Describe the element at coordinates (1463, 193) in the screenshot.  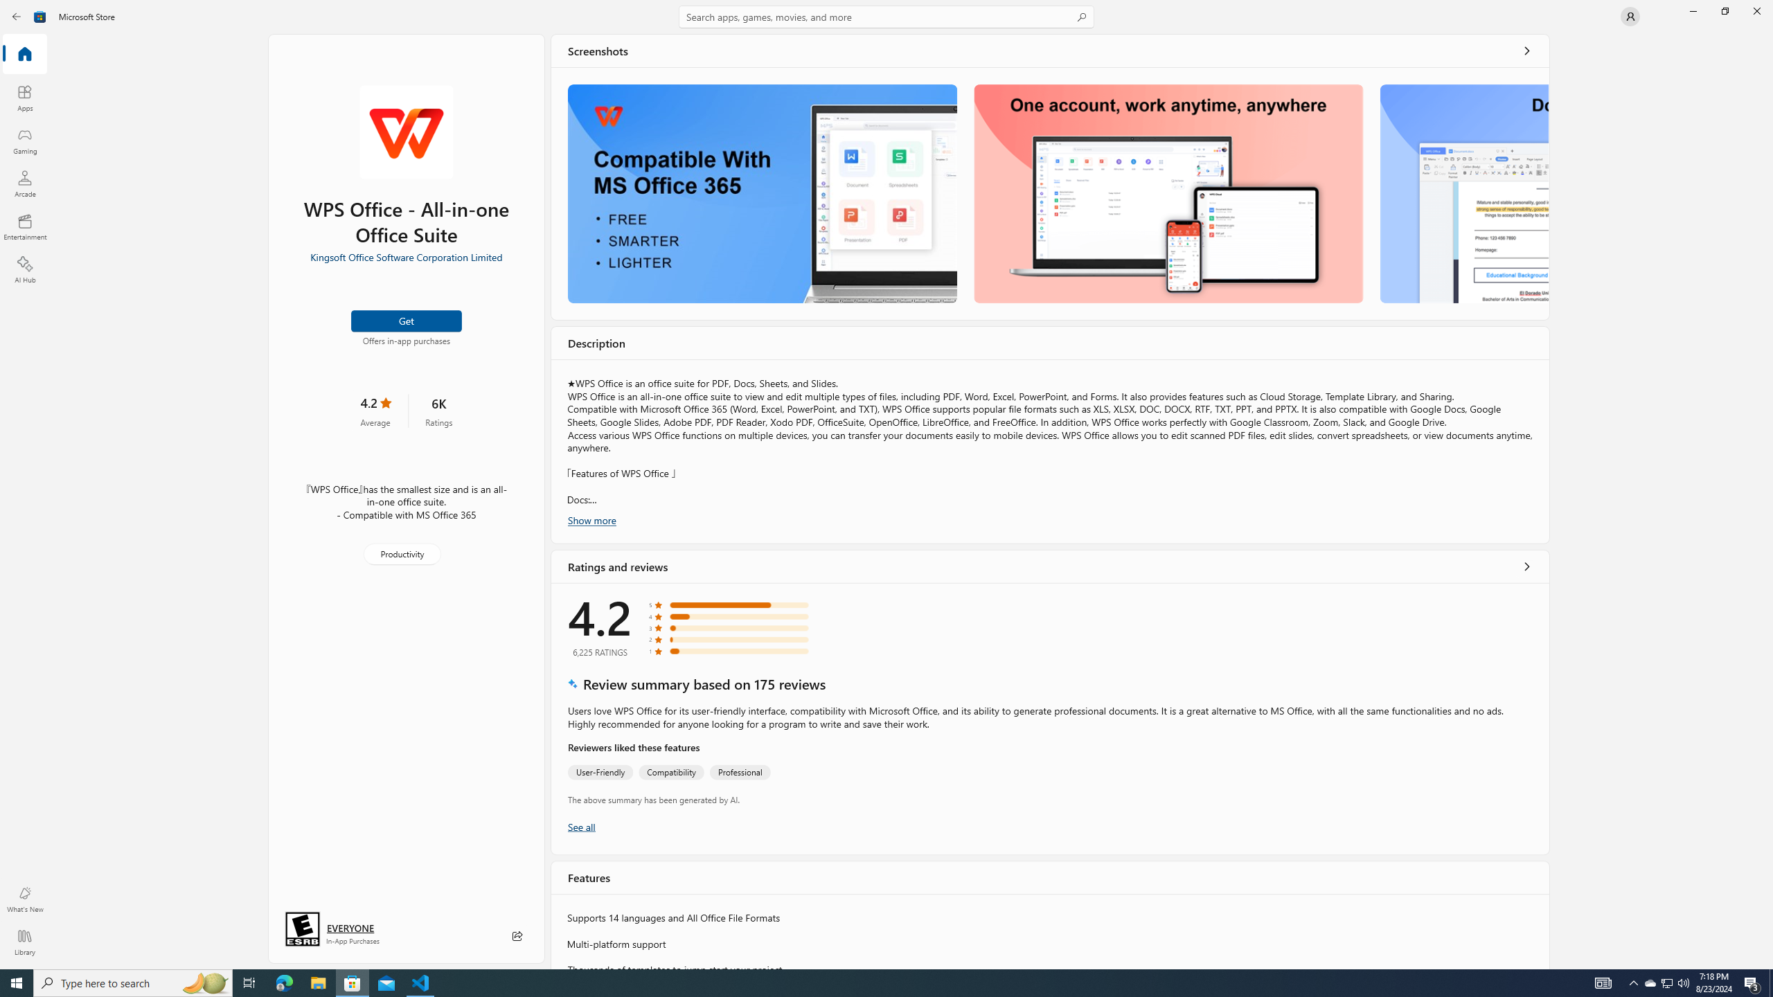
I see `'Screenshot 3'` at that location.